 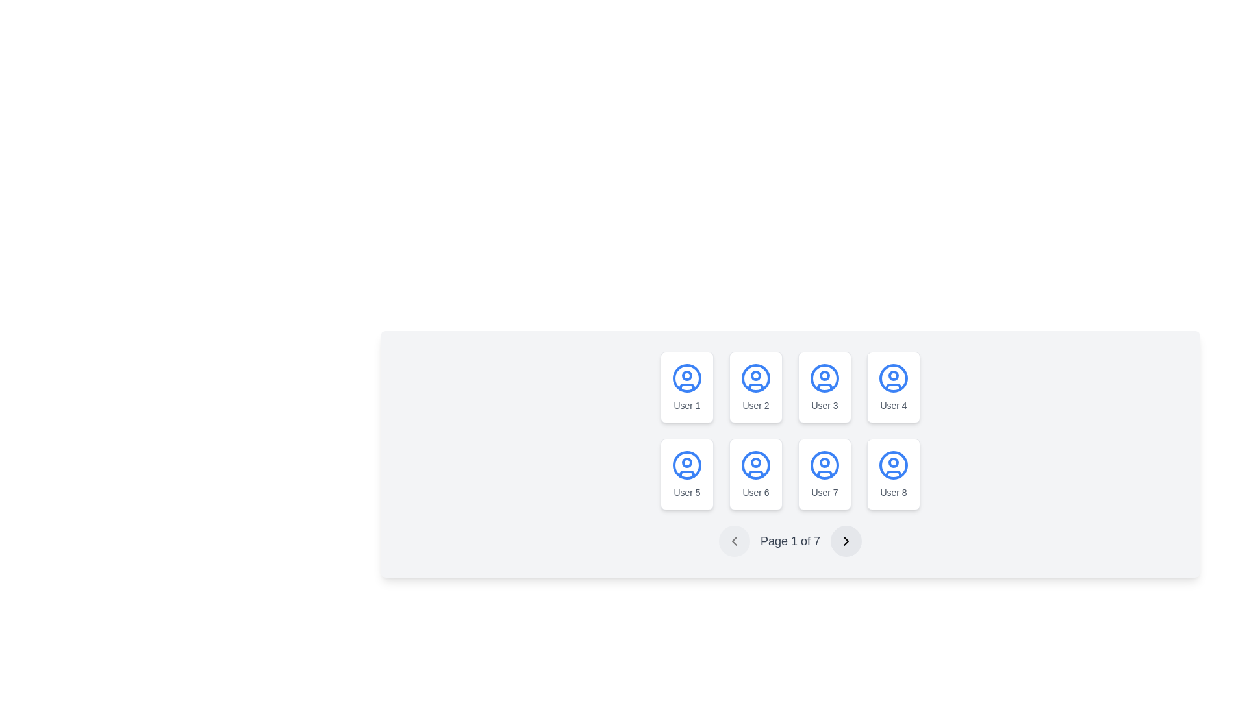 What do you see at coordinates (824, 474) in the screenshot?
I see `the Profile Card containing the user profile icon and the label 'User 7', located in the second row and third column of the grid` at bounding box center [824, 474].